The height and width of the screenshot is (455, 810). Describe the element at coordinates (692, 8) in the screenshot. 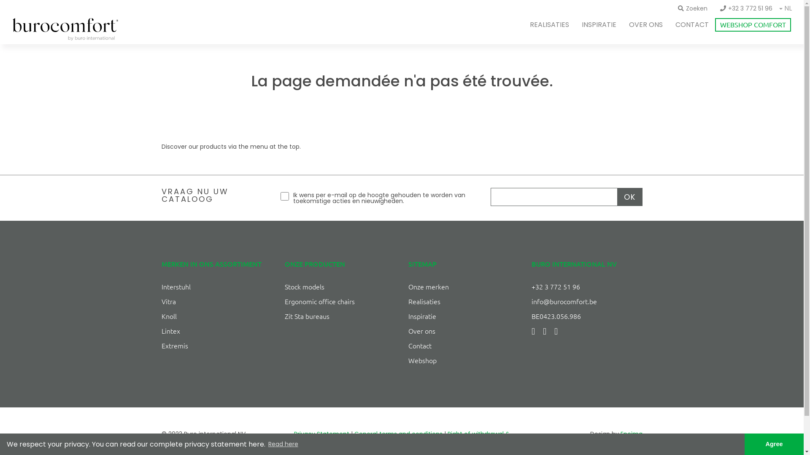

I see `'Zoeken'` at that location.